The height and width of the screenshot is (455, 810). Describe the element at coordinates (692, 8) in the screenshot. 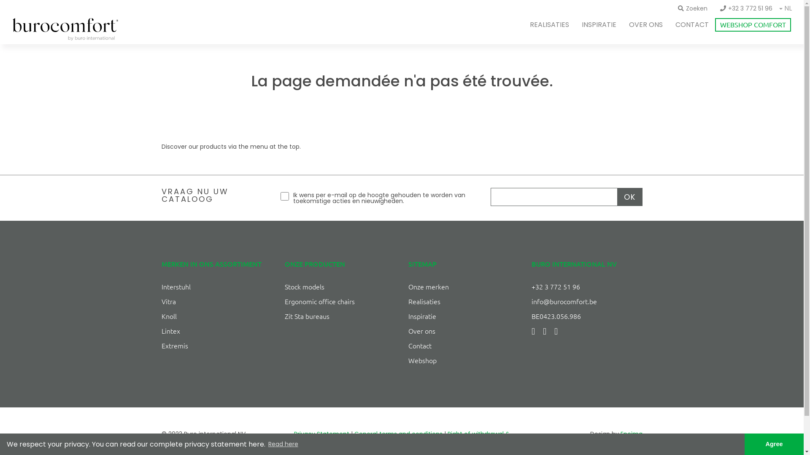

I see `'Zoeken'` at that location.